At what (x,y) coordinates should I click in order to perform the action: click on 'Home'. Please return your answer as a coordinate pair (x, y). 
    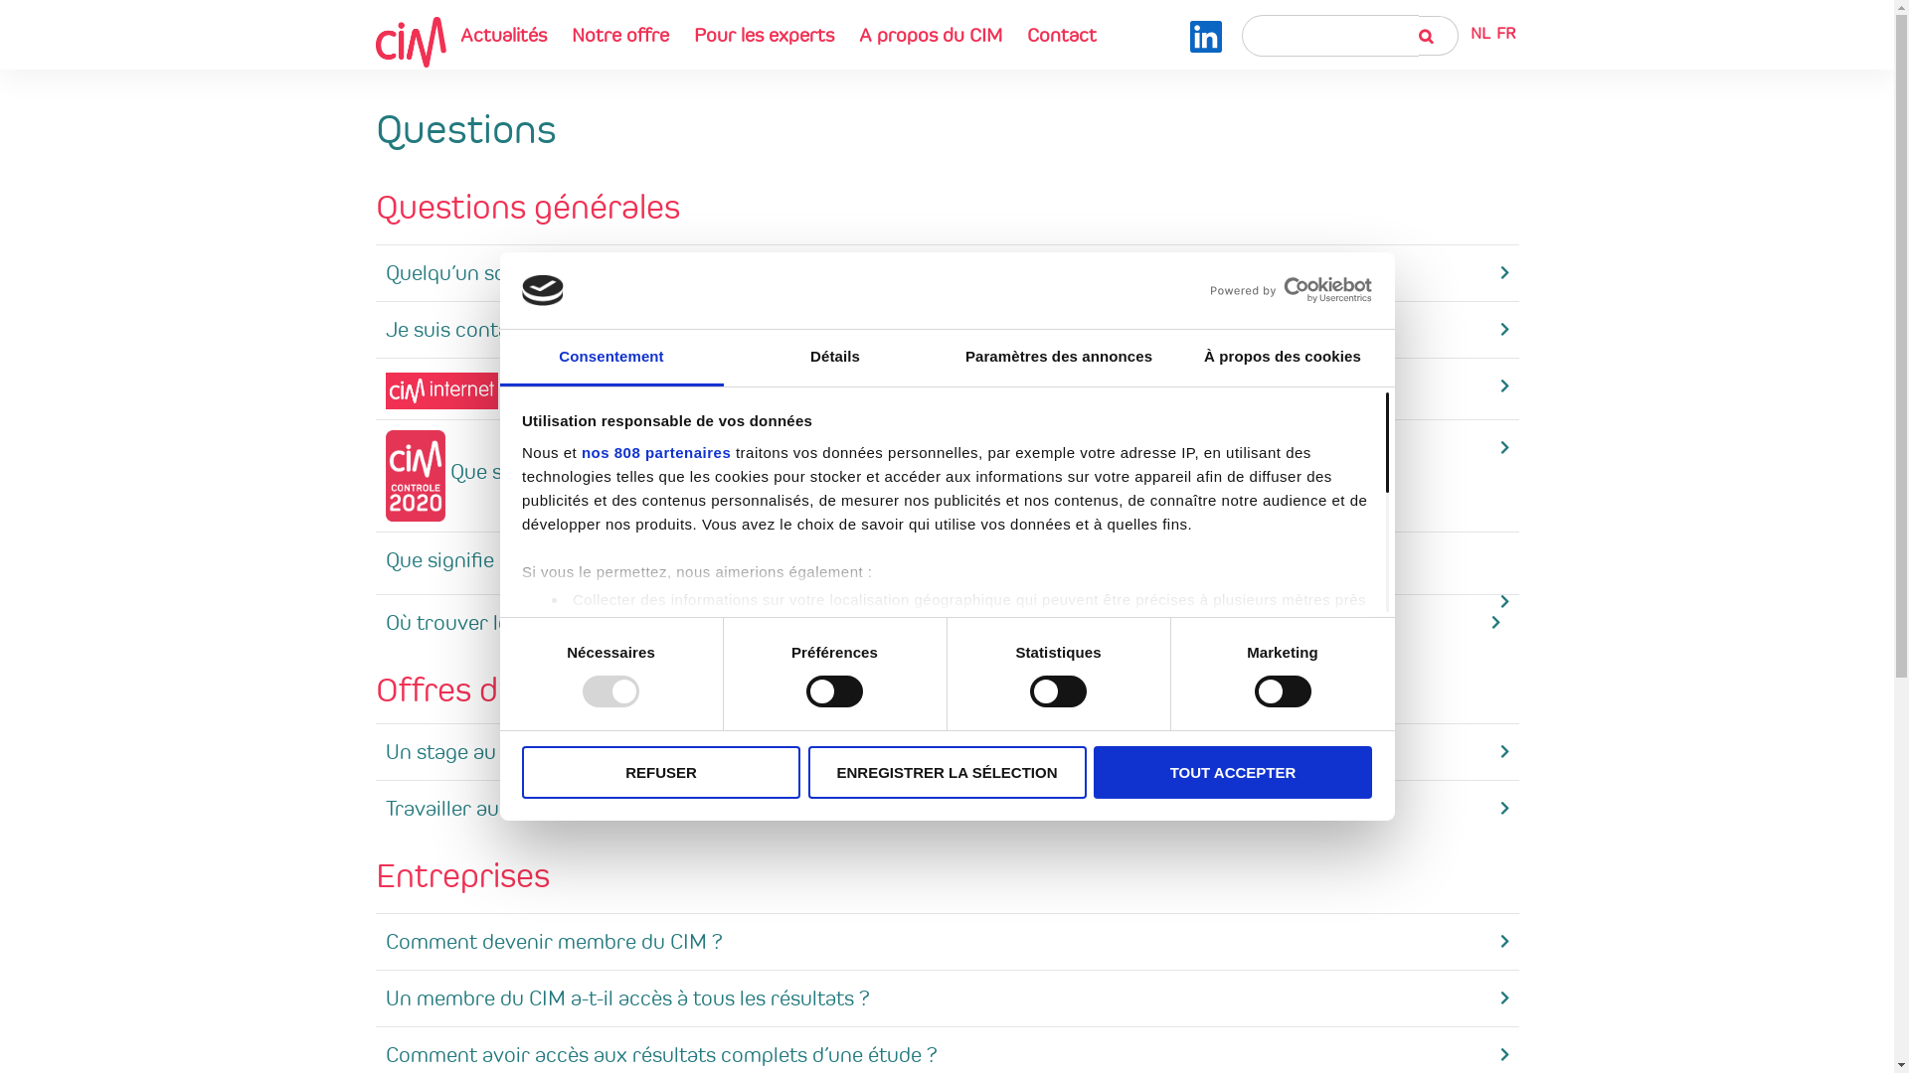
    Looking at the image, I should click on (410, 41).